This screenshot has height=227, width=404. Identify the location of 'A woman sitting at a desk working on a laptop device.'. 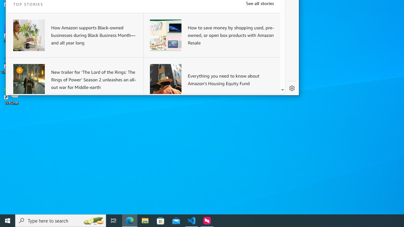
(29, 35).